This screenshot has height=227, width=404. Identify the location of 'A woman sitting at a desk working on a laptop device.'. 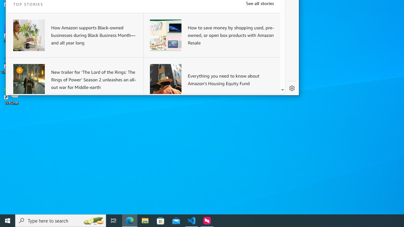
(29, 35).